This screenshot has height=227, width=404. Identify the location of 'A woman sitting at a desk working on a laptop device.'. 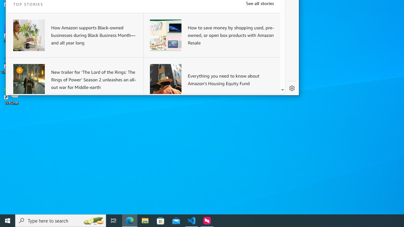
(29, 35).